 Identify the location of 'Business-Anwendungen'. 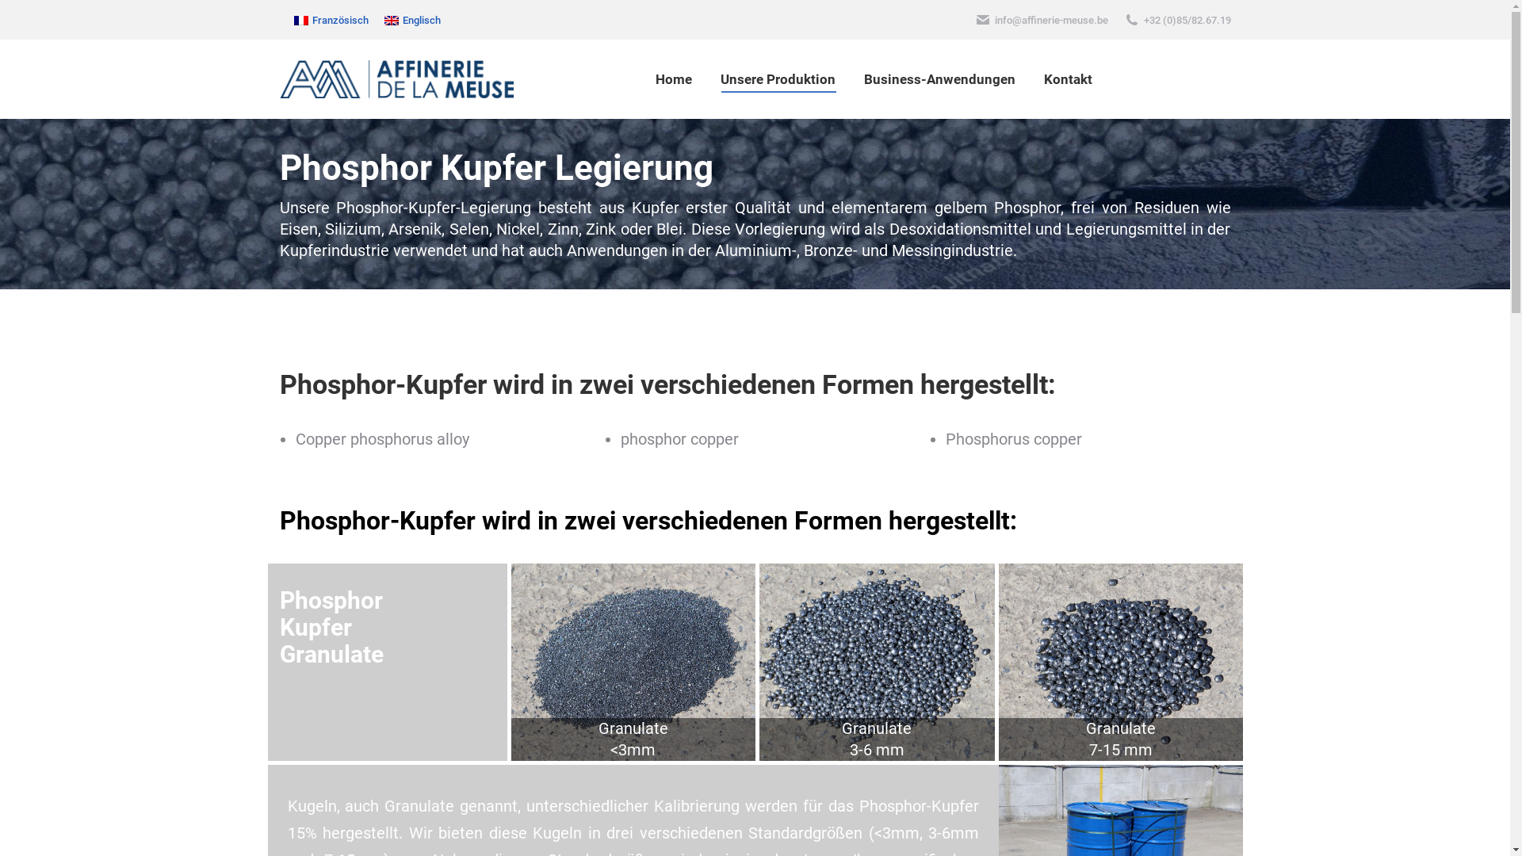
(939, 79).